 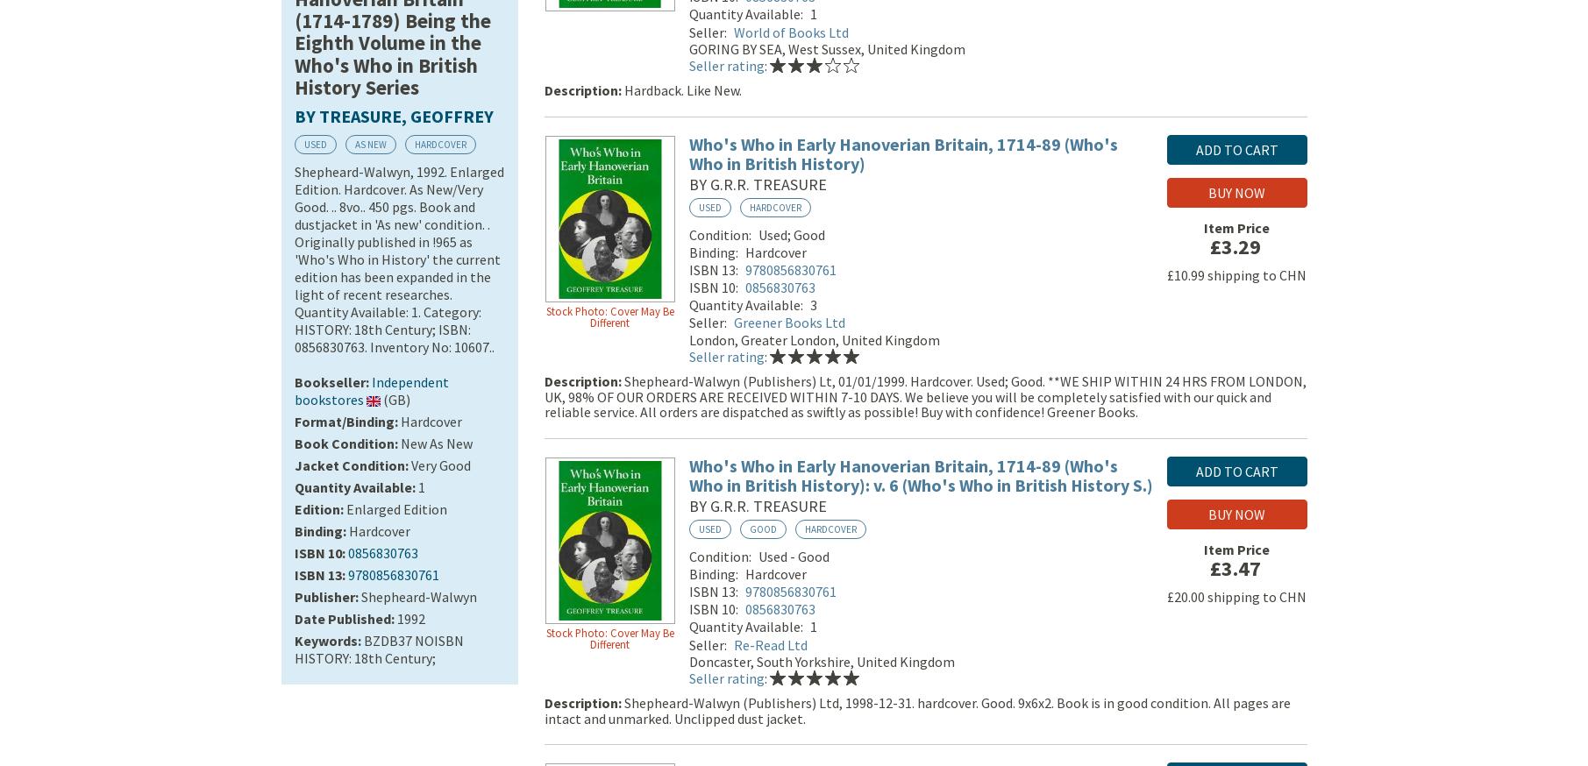 What do you see at coordinates (687, 663) in the screenshot?
I see `'Doncaster, South Yorkshire,'` at bounding box center [687, 663].